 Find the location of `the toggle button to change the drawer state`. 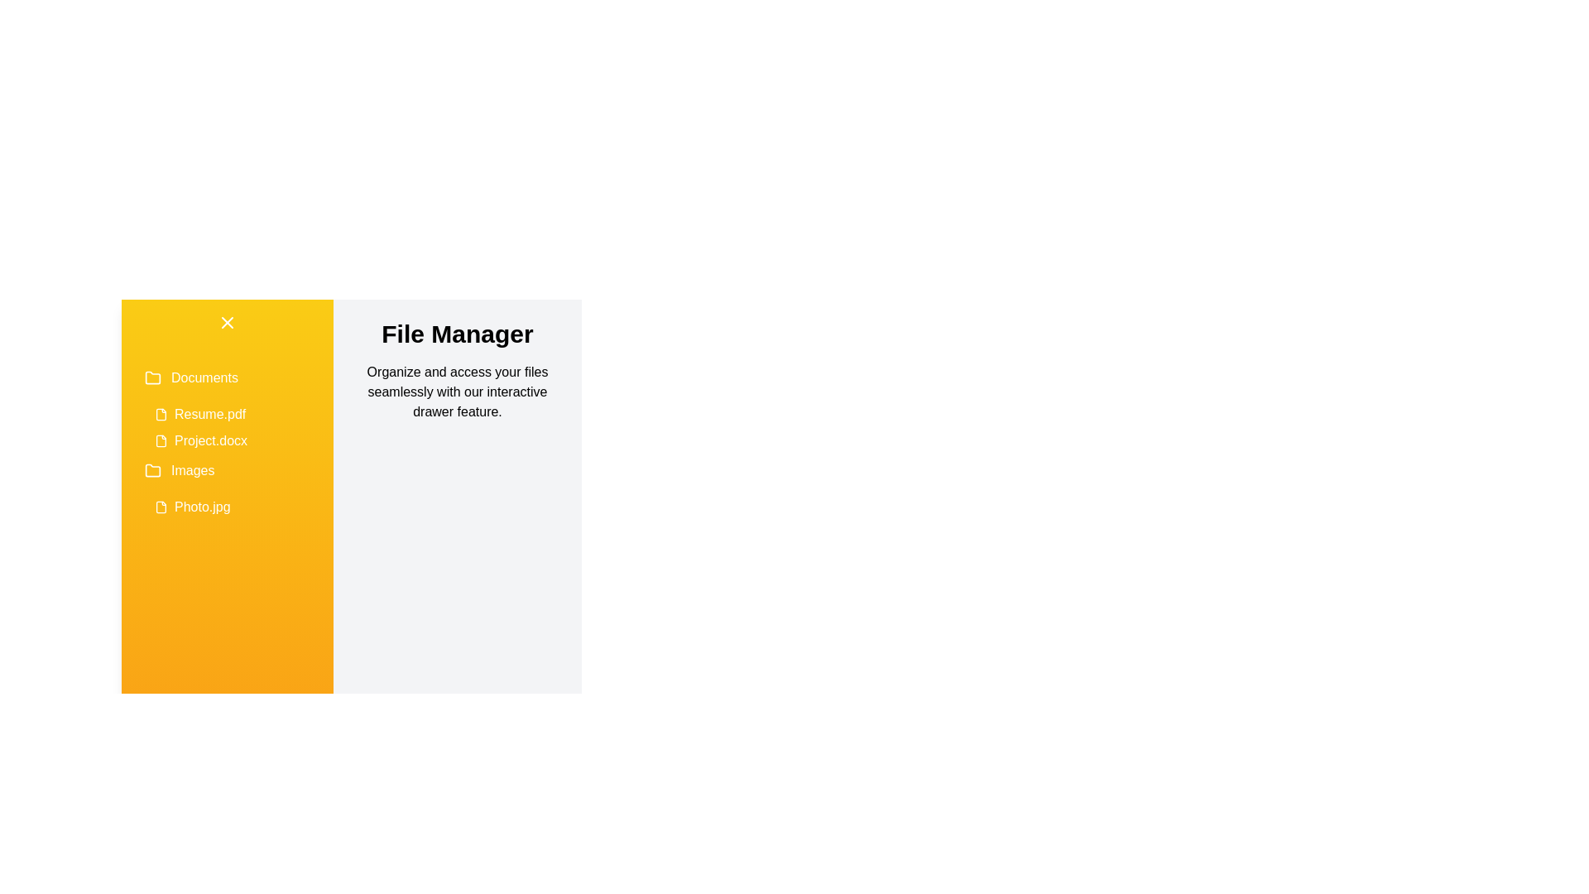

the toggle button to change the drawer state is located at coordinates (226, 322).